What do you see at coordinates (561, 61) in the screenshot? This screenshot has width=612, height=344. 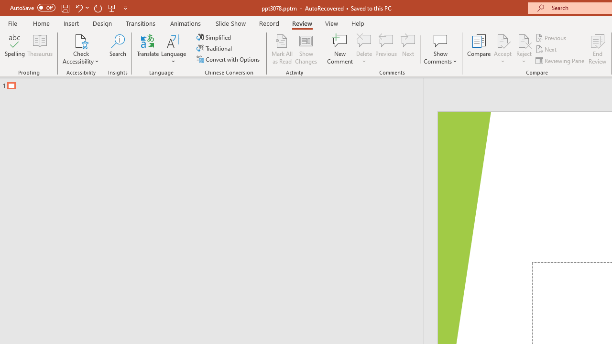 I see `'Reviewing Pane'` at bounding box center [561, 61].